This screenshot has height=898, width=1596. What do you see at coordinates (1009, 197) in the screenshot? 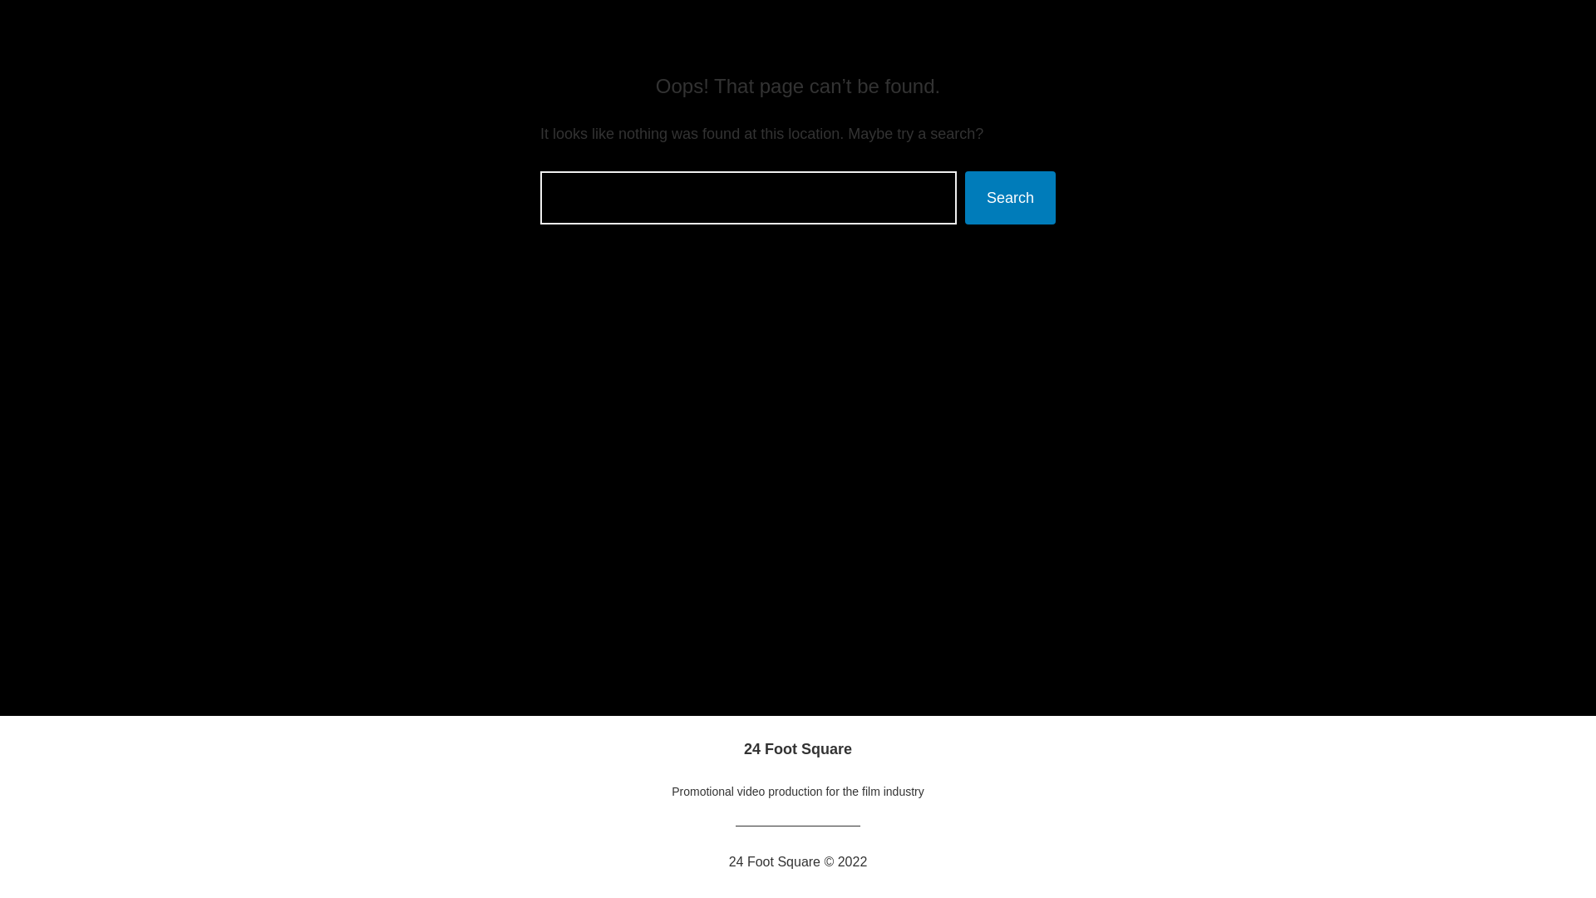
I see `'Search'` at bounding box center [1009, 197].